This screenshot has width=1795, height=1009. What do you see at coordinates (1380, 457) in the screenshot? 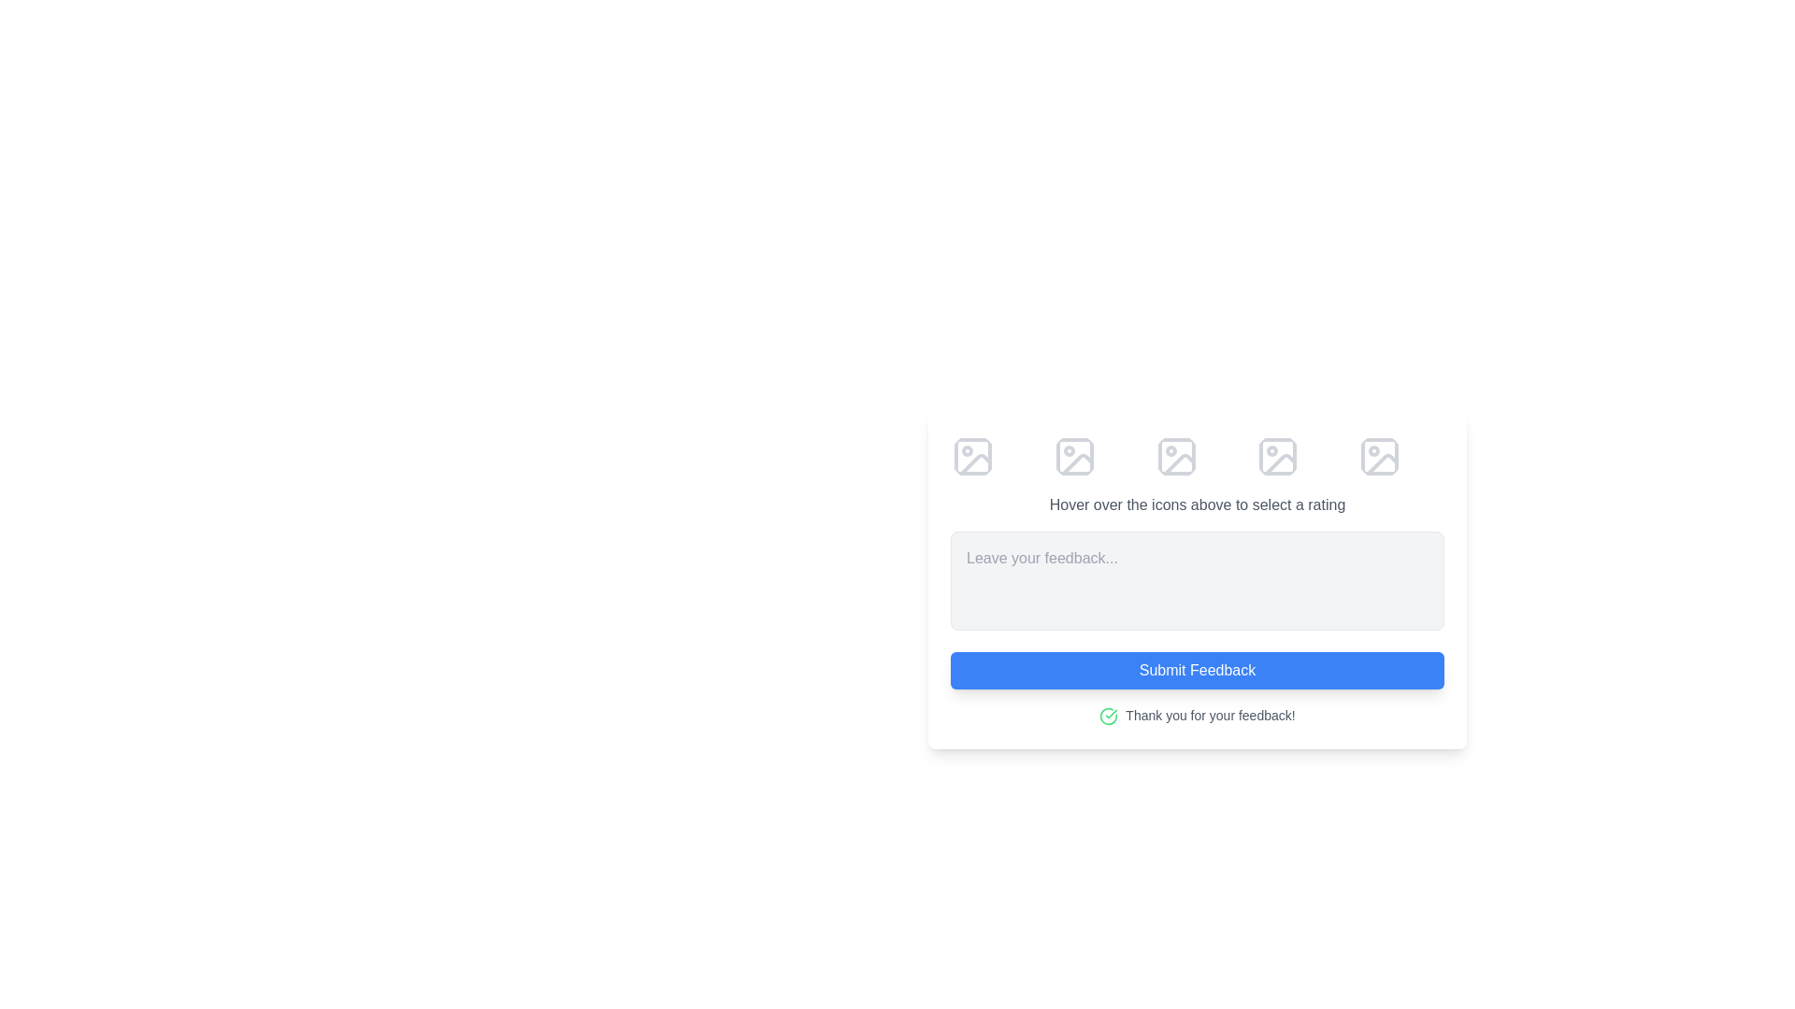
I see `the rectangular graphical image placeholder icon with rounded corners, styled in light gray, located in the top-right quadrant of the panel as the fourth icon in the row` at bounding box center [1380, 457].